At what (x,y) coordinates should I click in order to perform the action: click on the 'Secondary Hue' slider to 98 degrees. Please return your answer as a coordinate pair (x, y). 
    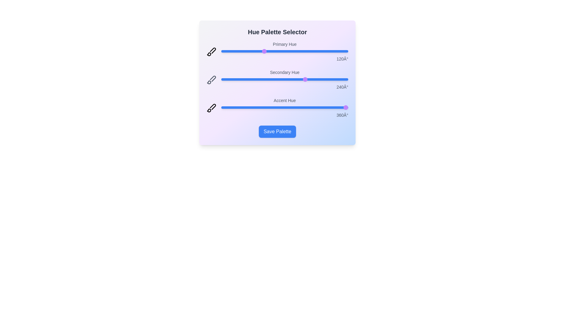
    Looking at the image, I should click on (256, 79).